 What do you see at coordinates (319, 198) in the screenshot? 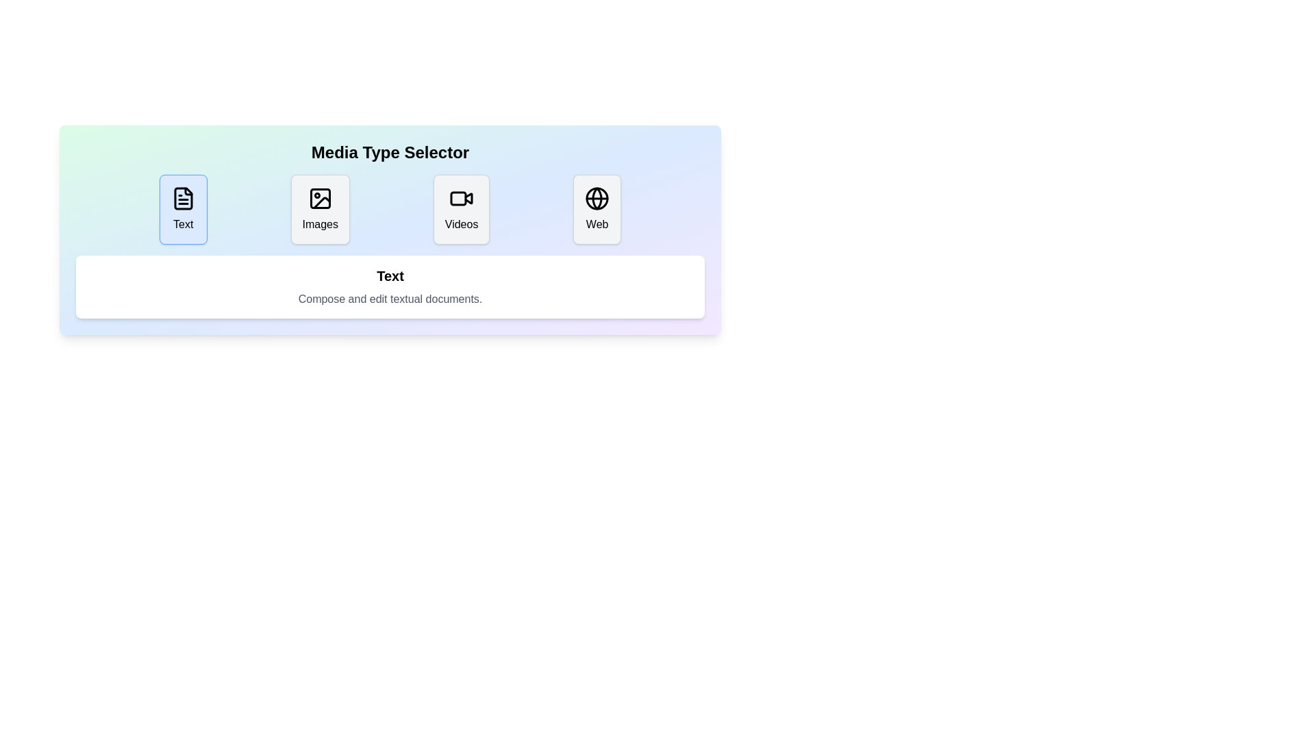
I see `the main rectangular frame within the 'Images' icon in the media selector UI, which is positioned centrally between the 'Text' option on the left and 'Videos' on the right` at bounding box center [319, 198].